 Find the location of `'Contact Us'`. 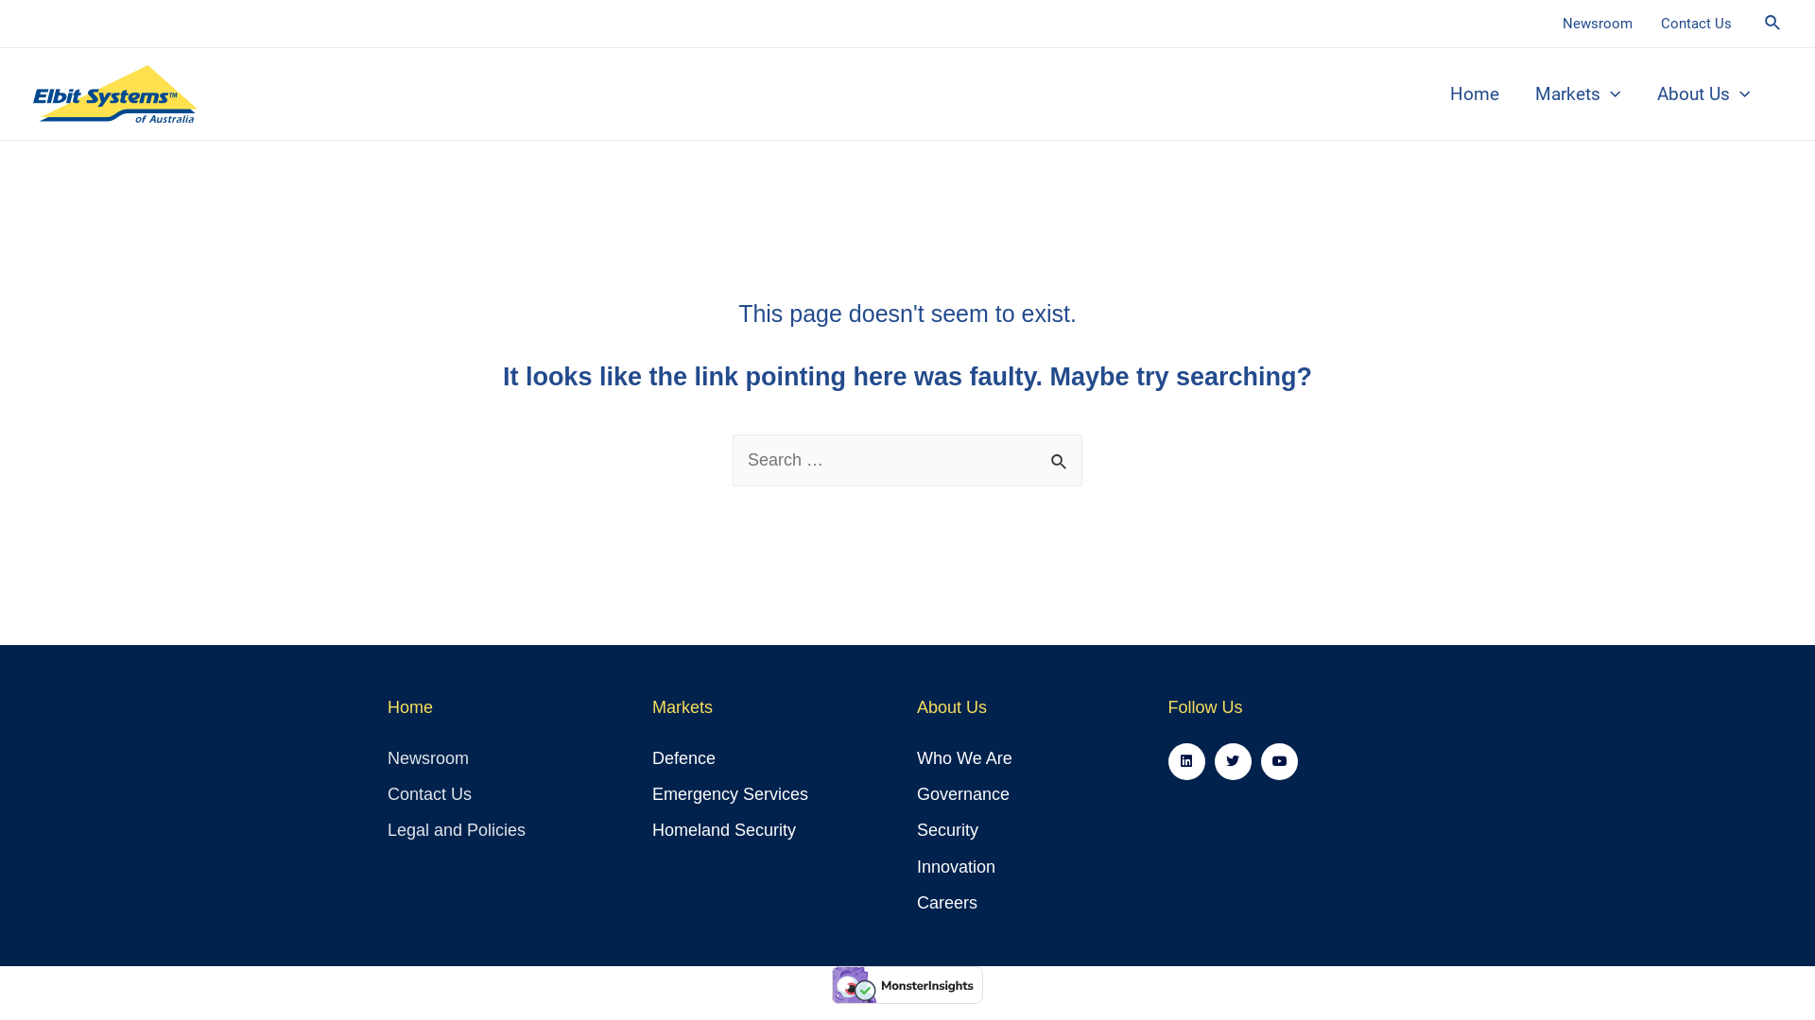

'Contact Us' is located at coordinates (1696, 23).